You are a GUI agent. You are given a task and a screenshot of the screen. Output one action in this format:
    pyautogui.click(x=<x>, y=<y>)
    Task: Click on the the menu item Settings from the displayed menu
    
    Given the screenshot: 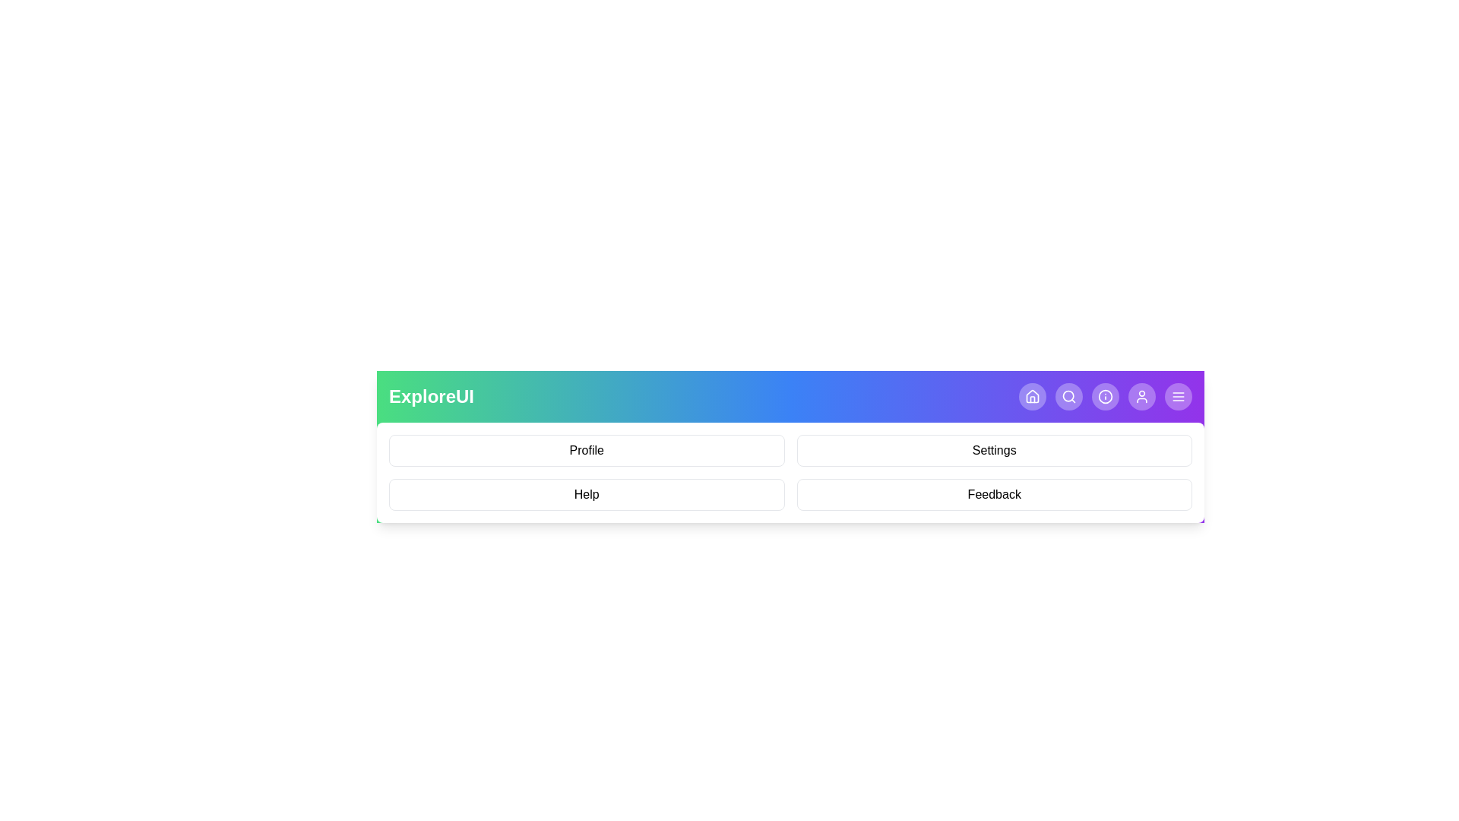 What is the action you would take?
    pyautogui.click(x=995, y=450)
    